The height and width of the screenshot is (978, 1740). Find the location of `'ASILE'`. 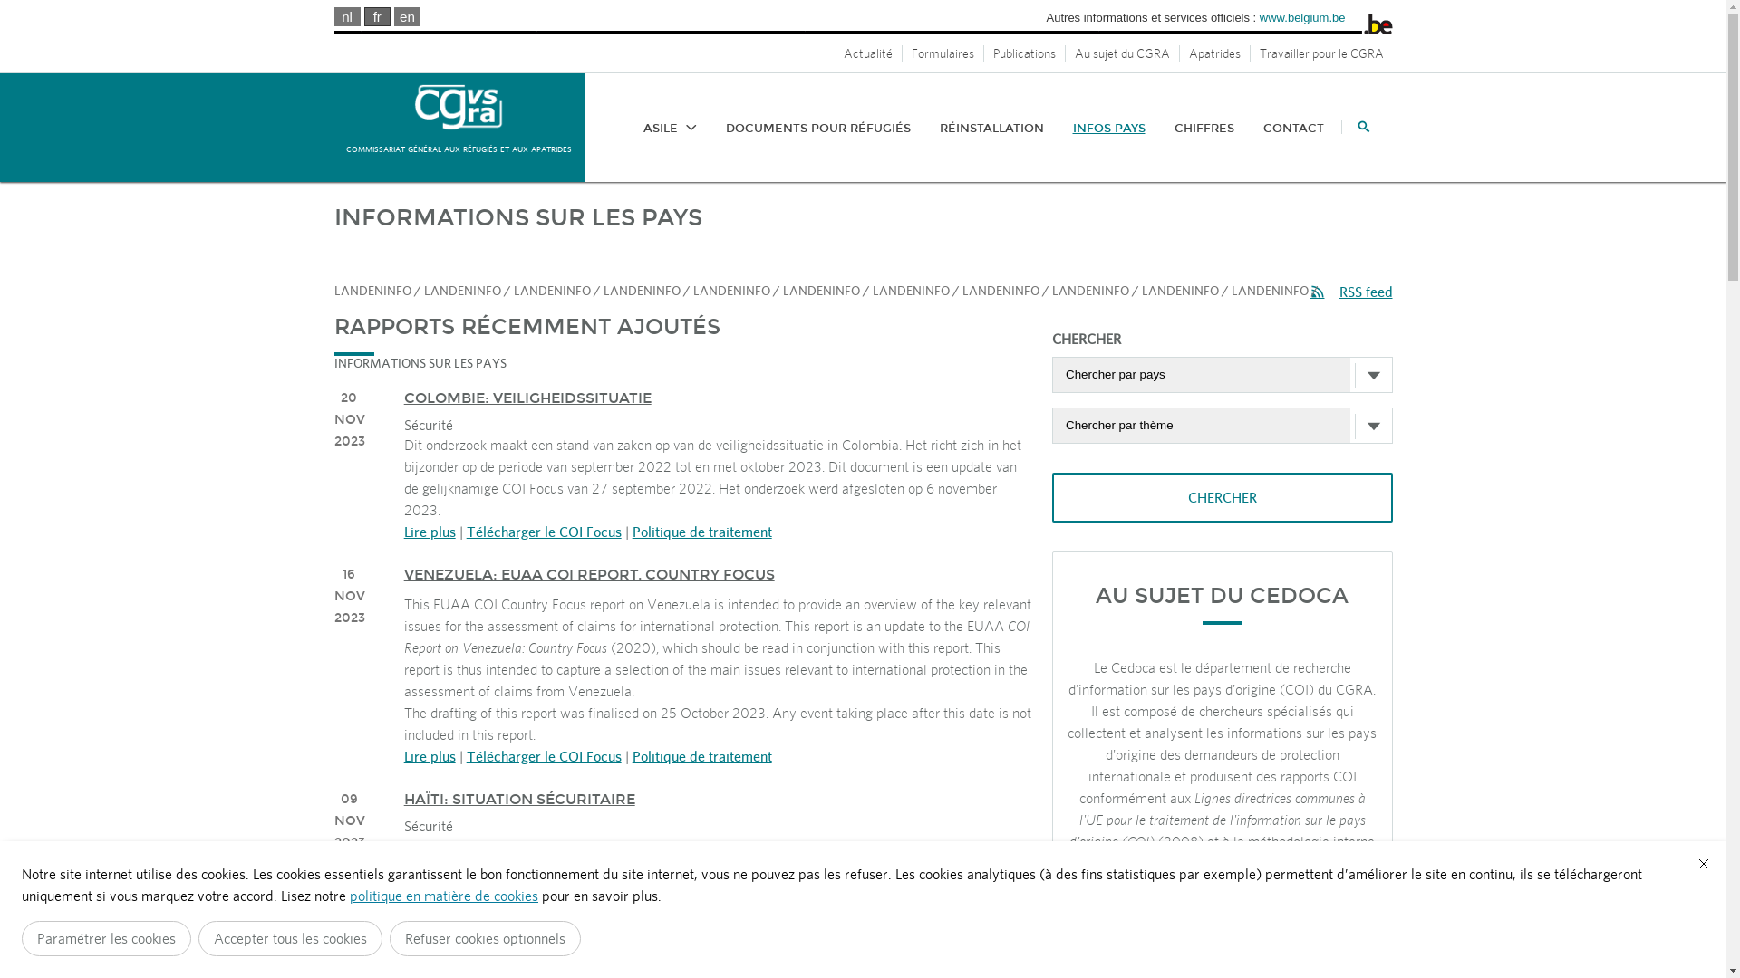

'ASILE' is located at coordinates (669, 127).